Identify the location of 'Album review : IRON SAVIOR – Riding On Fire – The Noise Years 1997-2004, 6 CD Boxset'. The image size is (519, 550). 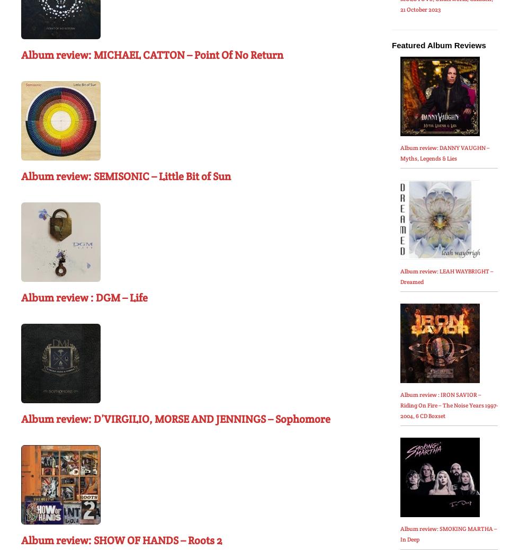
(449, 405).